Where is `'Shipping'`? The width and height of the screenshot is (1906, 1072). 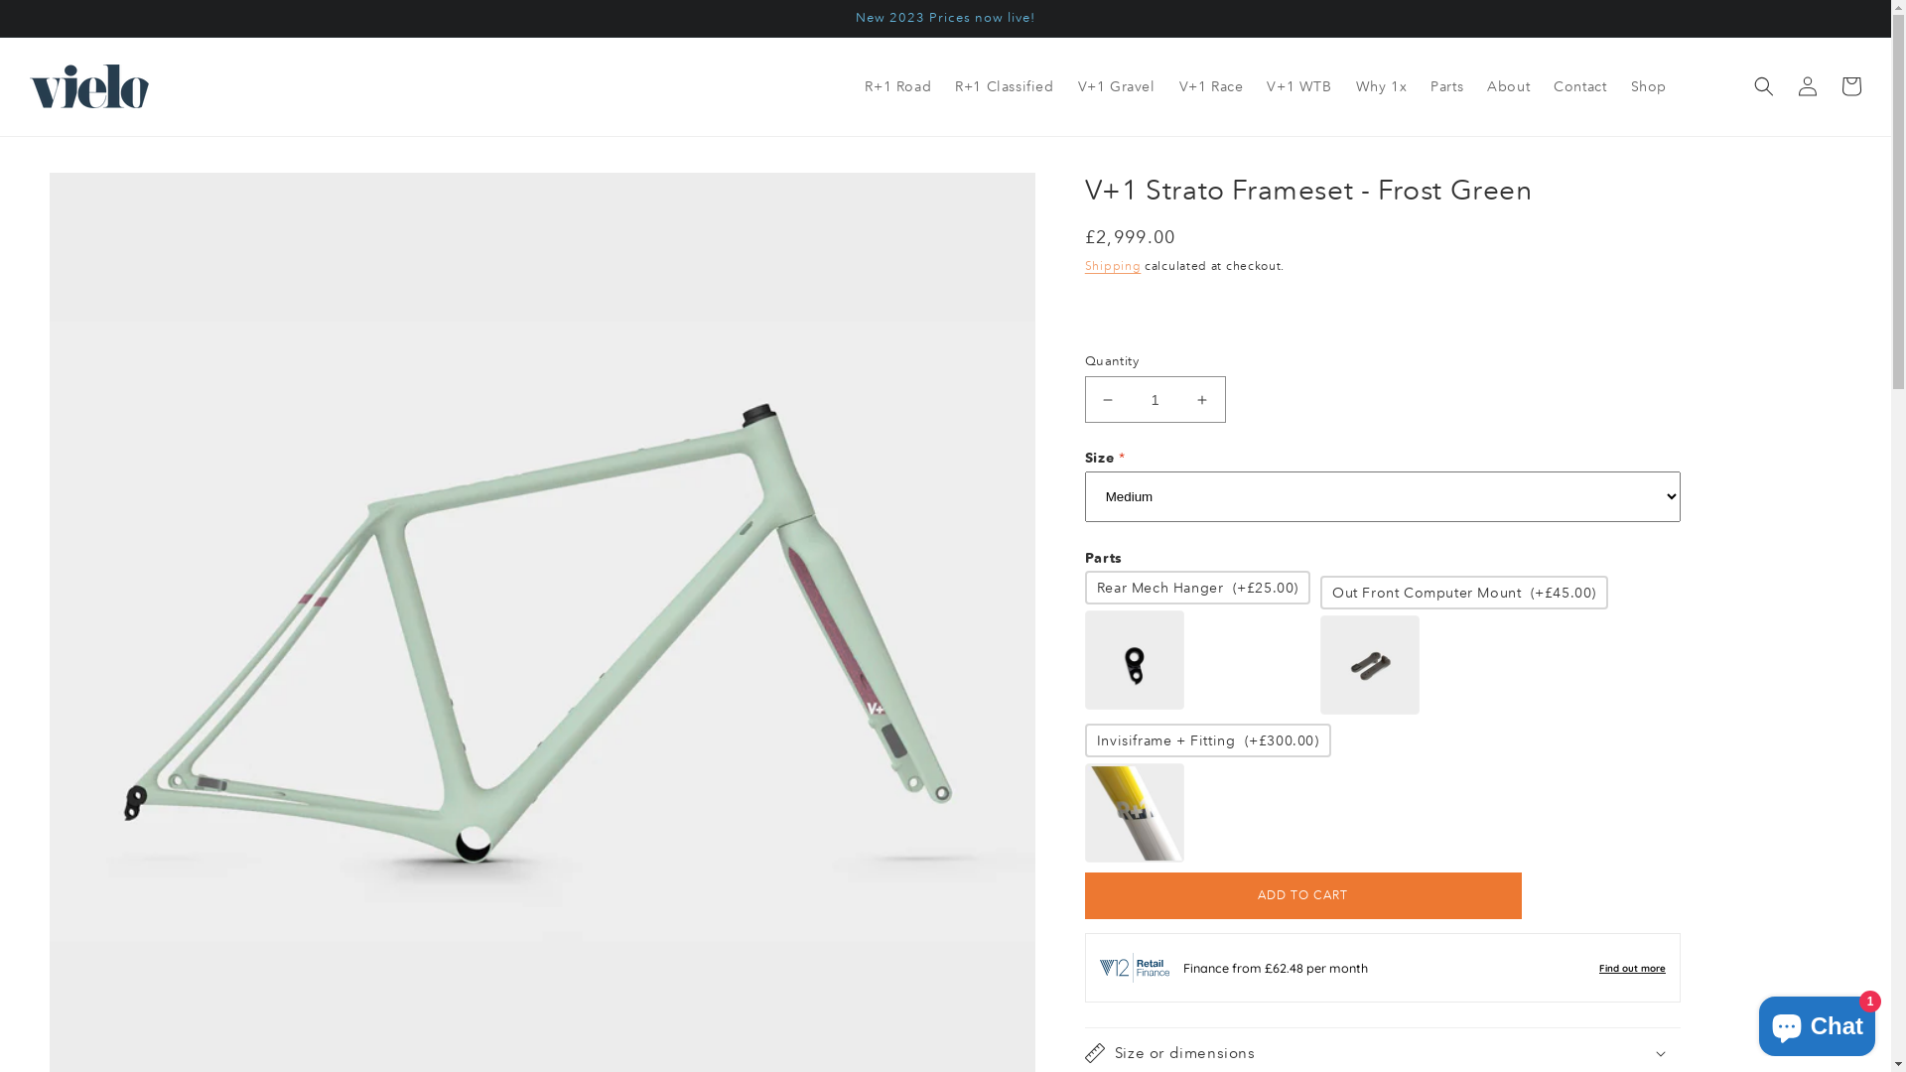
'Shipping' is located at coordinates (1113, 264).